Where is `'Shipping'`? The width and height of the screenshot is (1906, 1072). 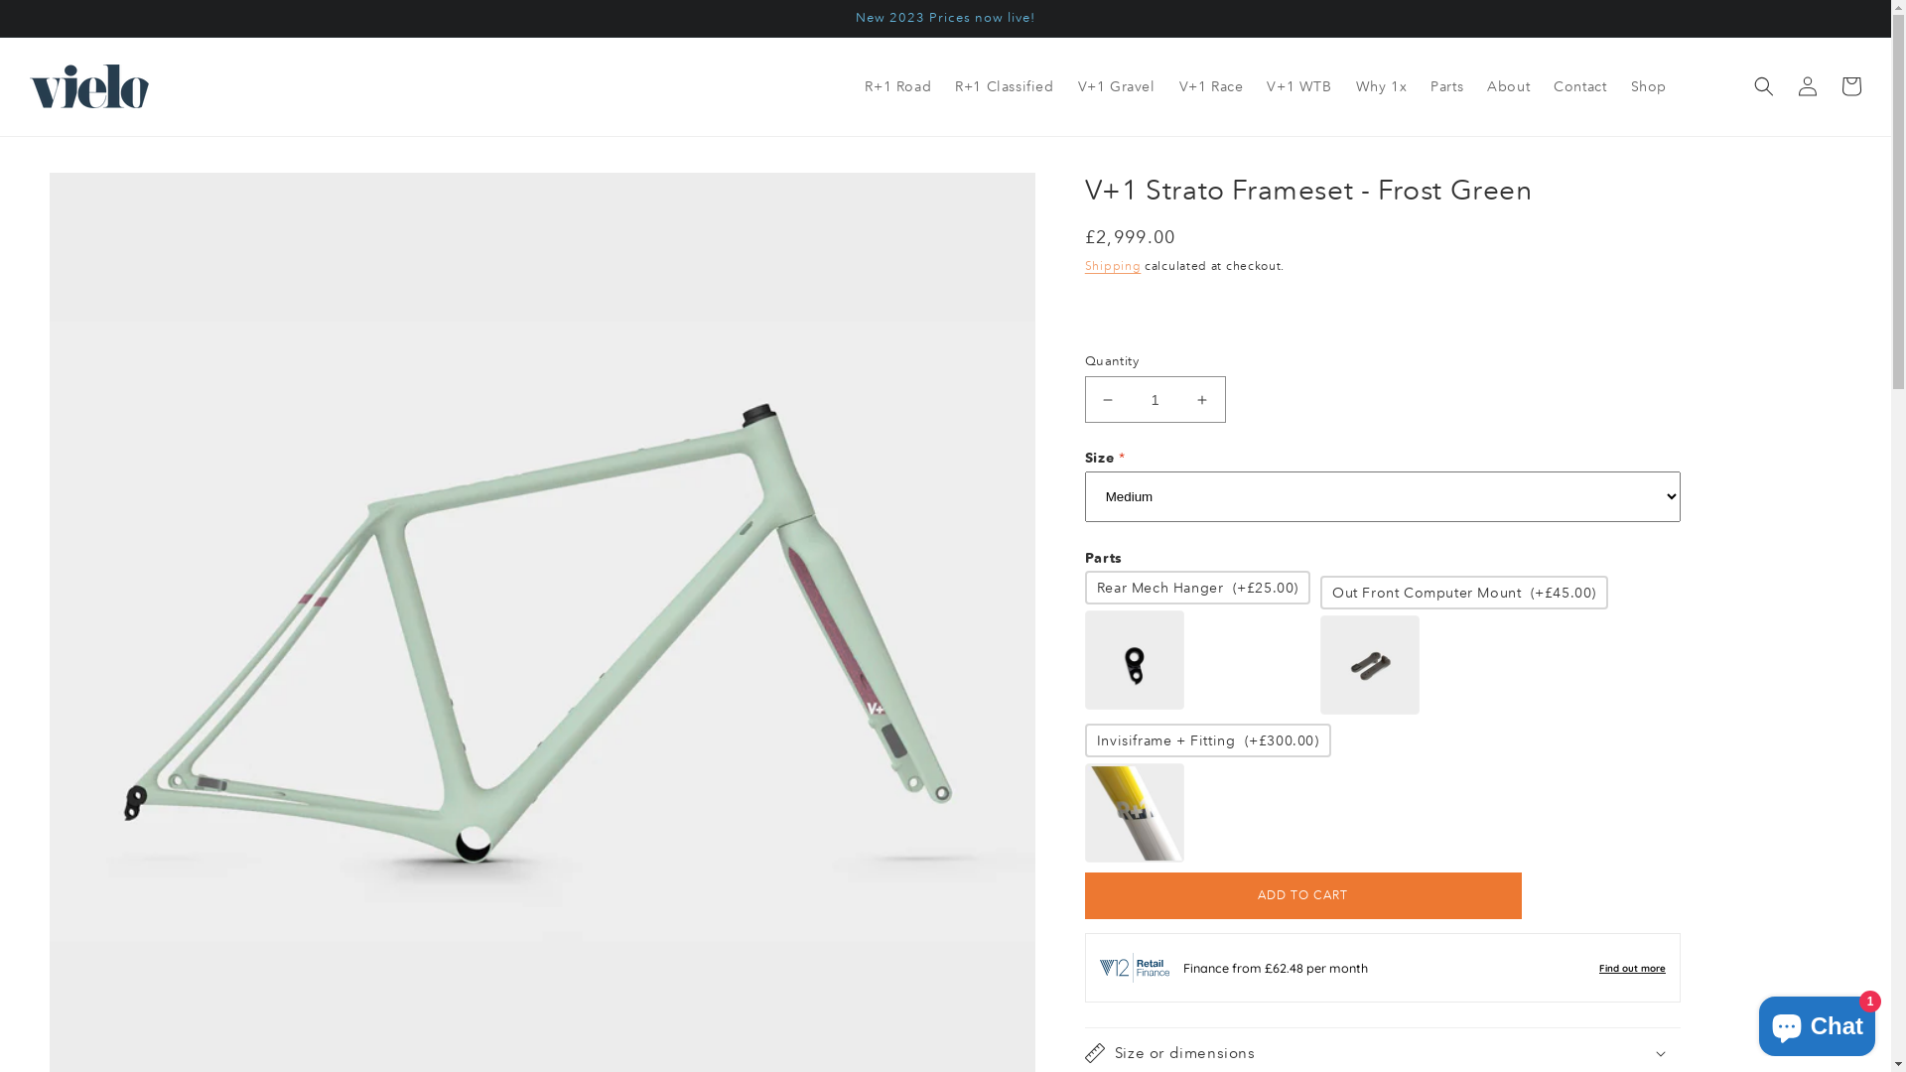
'Shipping' is located at coordinates (1113, 264).